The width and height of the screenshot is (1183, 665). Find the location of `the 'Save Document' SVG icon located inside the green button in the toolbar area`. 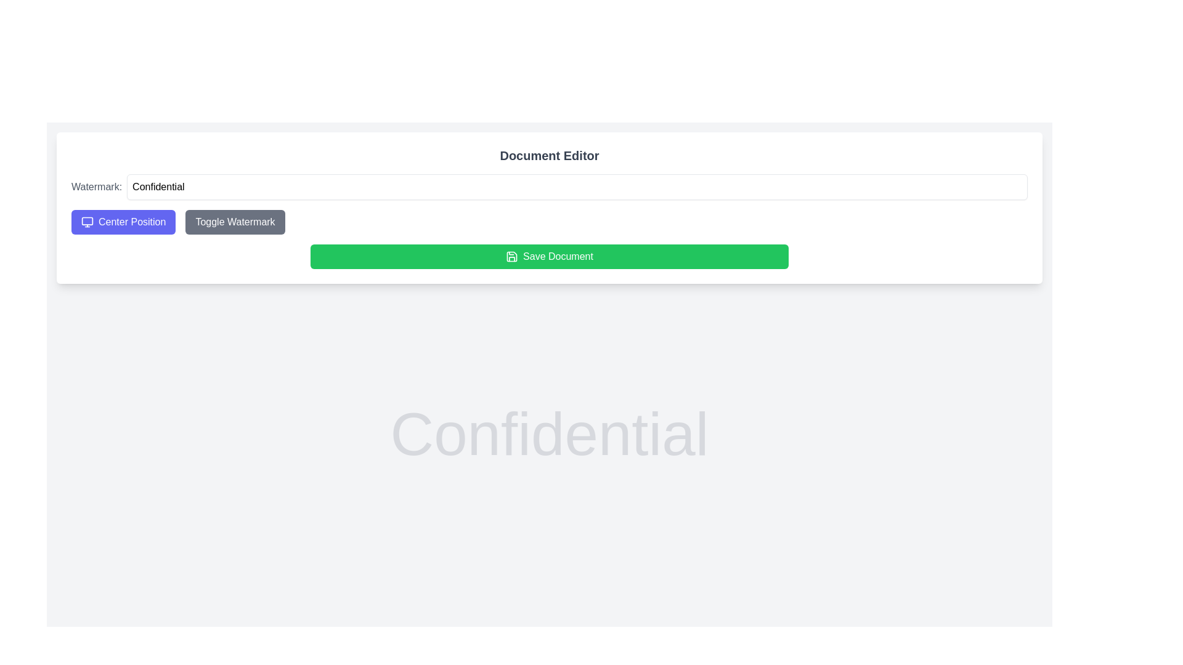

the 'Save Document' SVG icon located inside the green button in the toolbar area is located at coordinates (512, 256).